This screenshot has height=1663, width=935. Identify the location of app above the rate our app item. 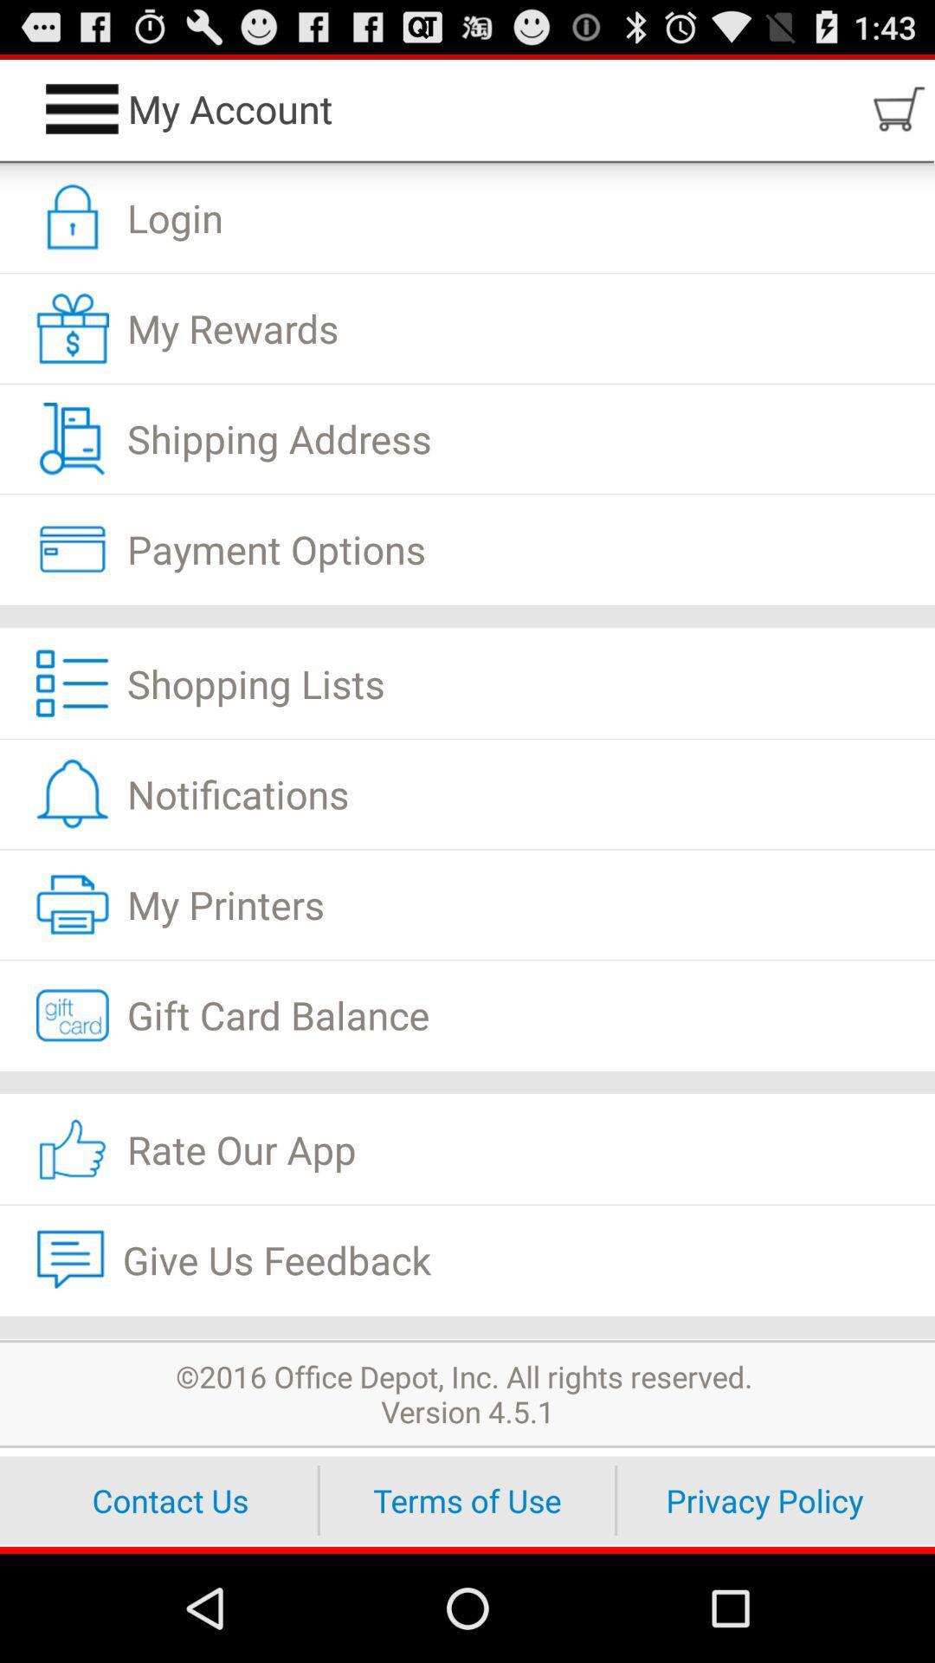
(467, 1081).